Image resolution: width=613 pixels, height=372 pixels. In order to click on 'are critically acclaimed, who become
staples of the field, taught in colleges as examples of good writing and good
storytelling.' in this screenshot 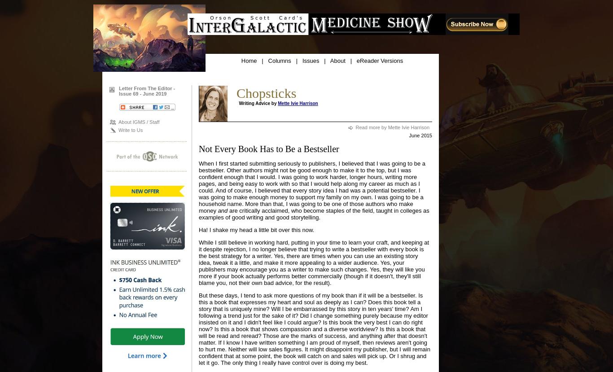, I will do `click(198, 214)`.